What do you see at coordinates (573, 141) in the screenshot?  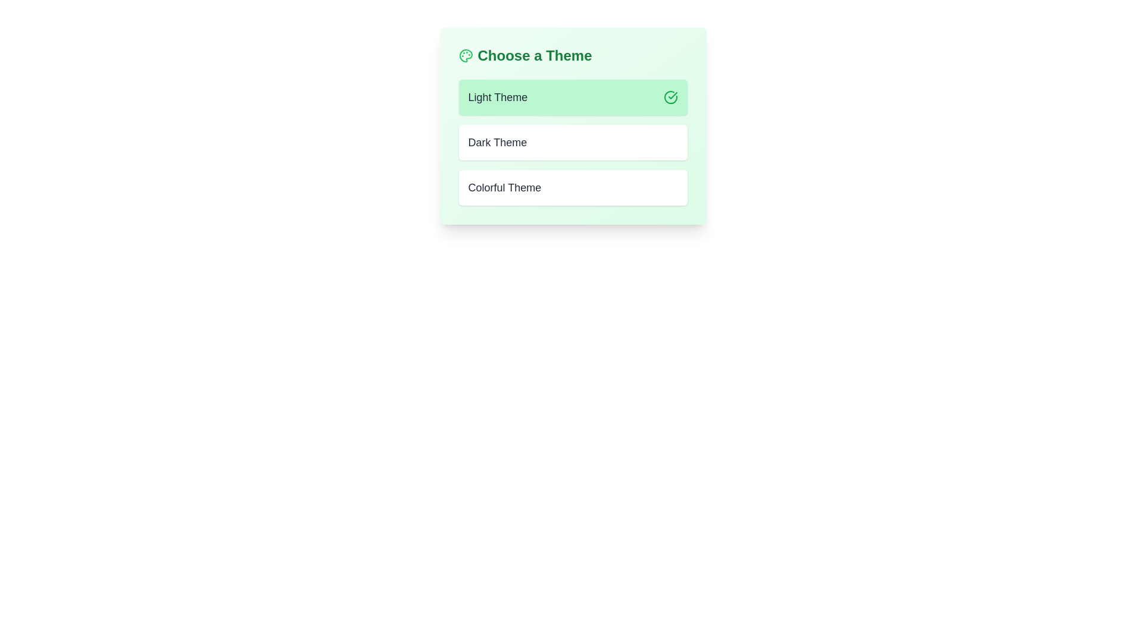 I see `the 'Dark Theme' selectable card` at bounding box center [573, 141].